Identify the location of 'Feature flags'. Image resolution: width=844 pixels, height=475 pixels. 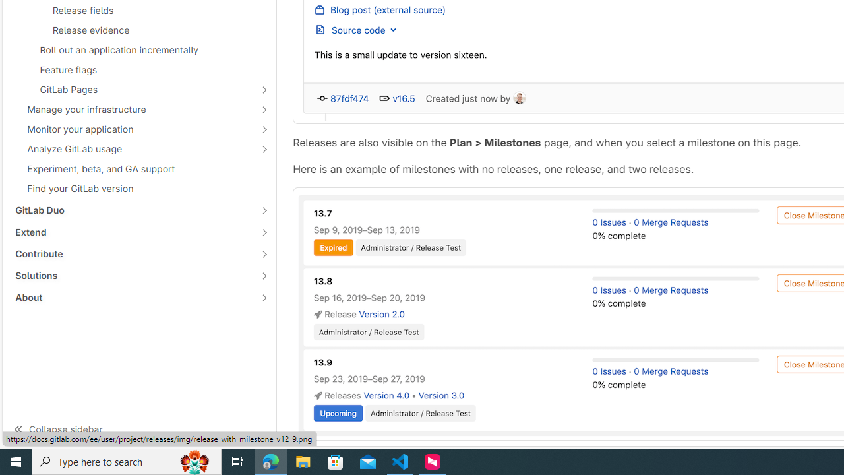
(139, 69).